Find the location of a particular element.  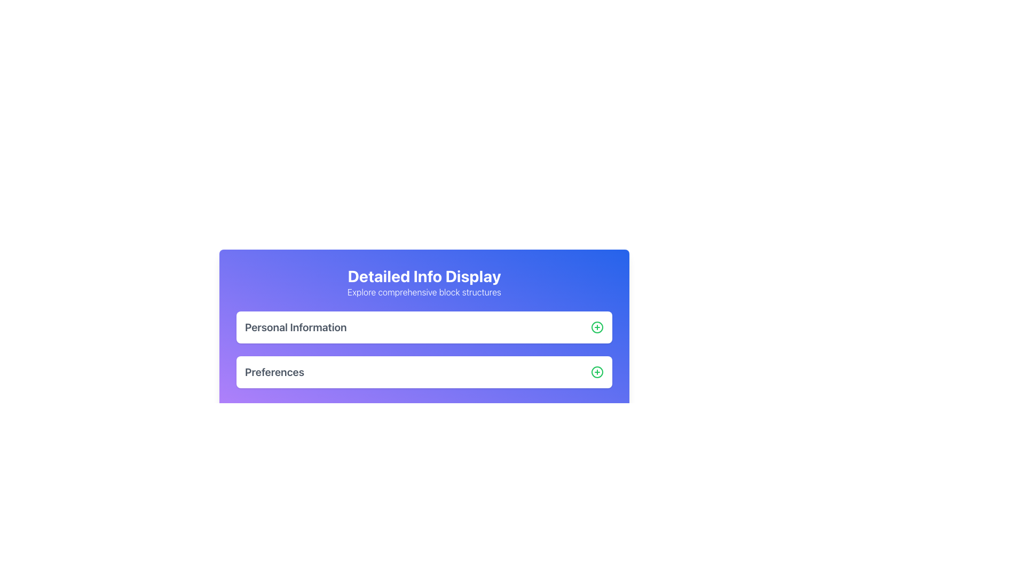

the static text label that serves as a heading for user preferences, positioned below 'Personal Information' and aligned to the left is located at coordinates (274, 372).